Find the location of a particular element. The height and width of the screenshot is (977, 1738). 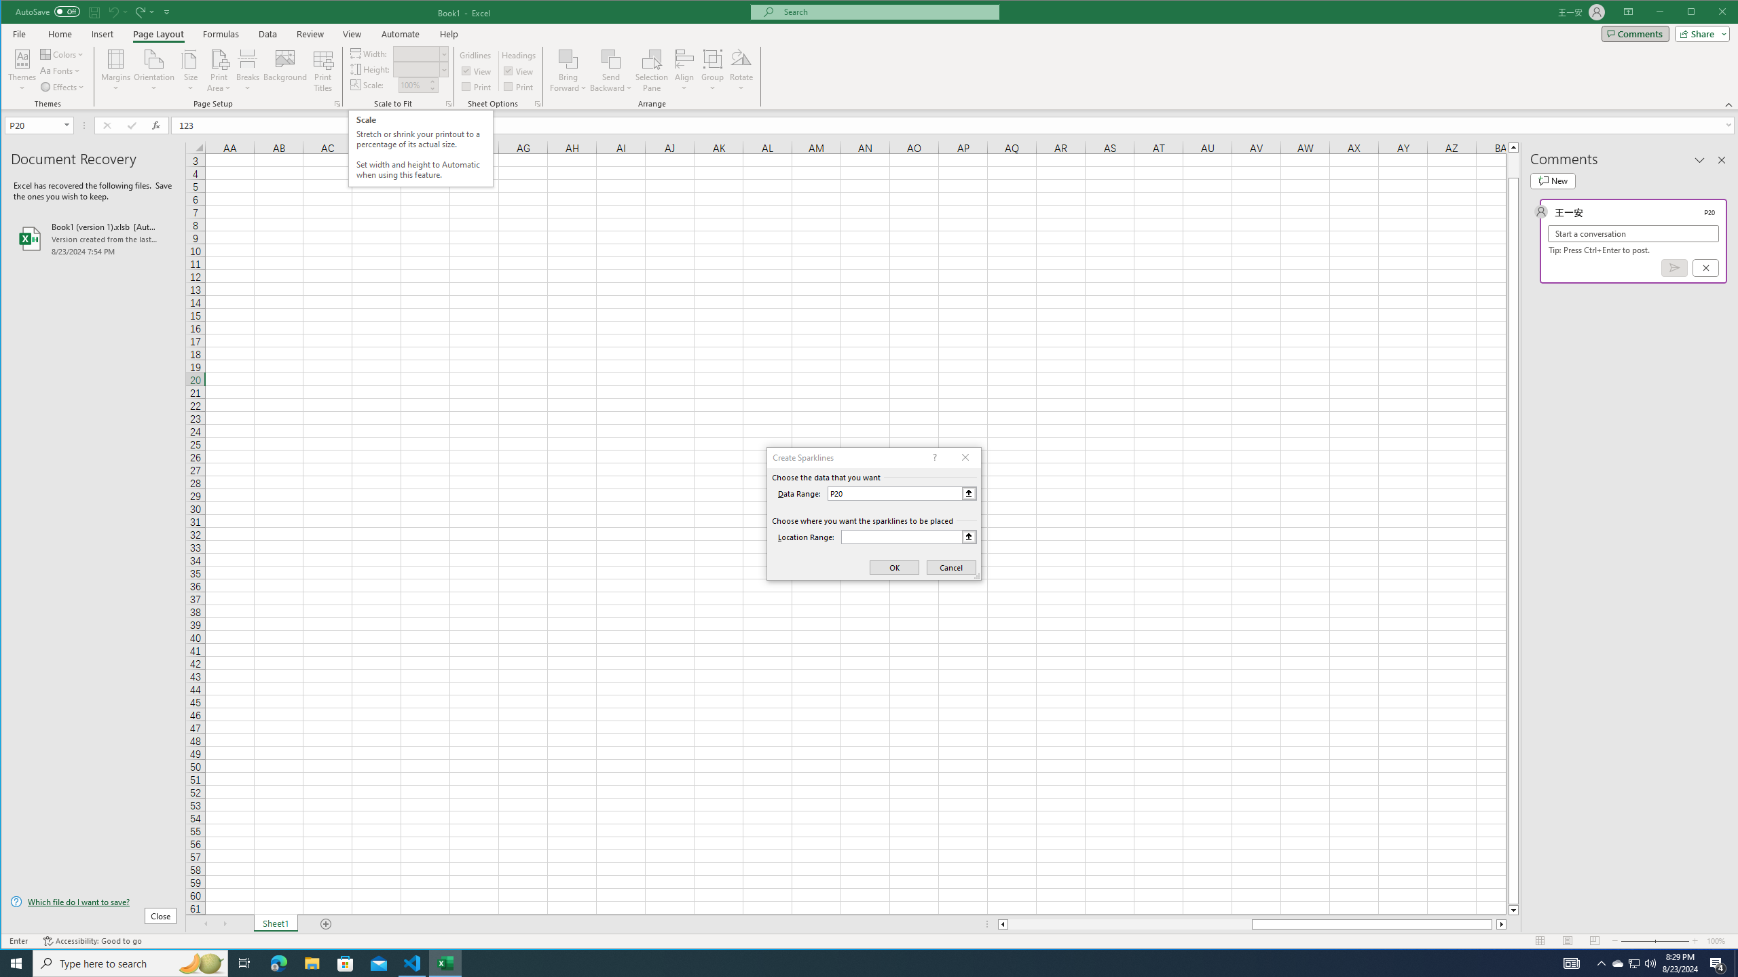

'Accessibility Checker Accessibility: Good to go' is located at coordinates (92, 940).